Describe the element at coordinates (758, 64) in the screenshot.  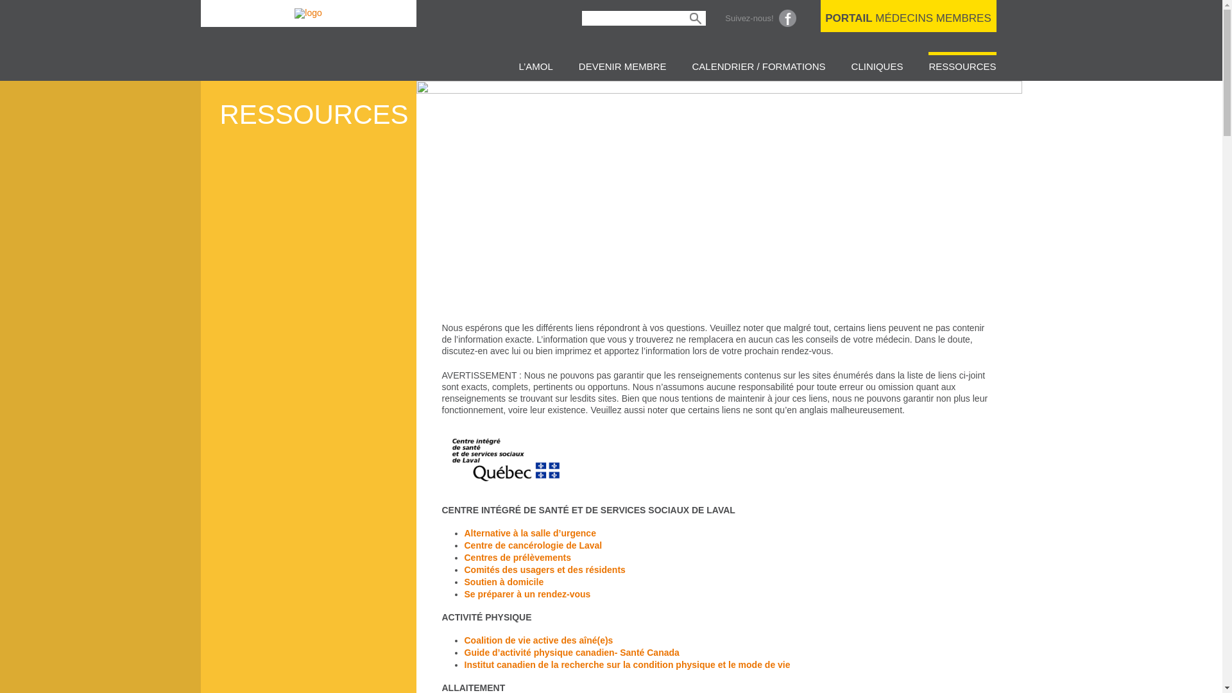
I see `'CALENDRIER / FORMATIONS'` at that location.